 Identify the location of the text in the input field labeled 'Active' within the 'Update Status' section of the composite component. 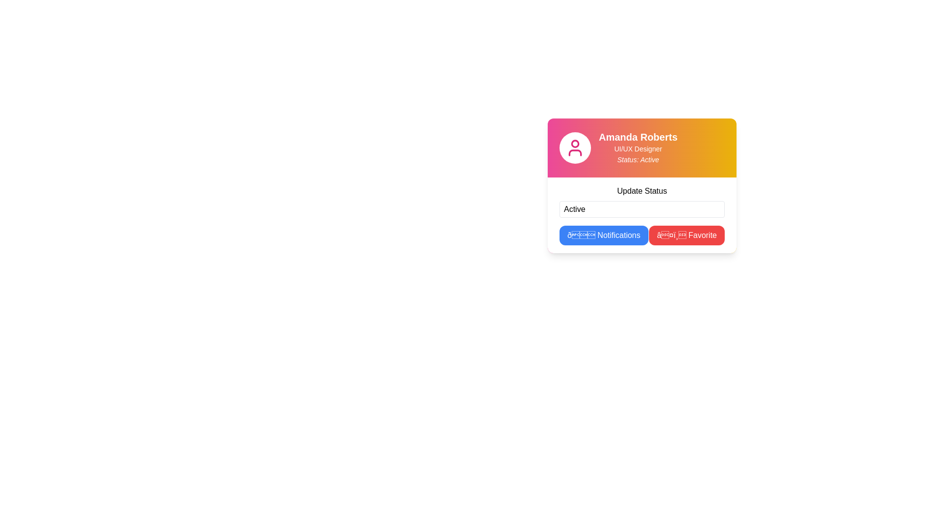
(642, 215).